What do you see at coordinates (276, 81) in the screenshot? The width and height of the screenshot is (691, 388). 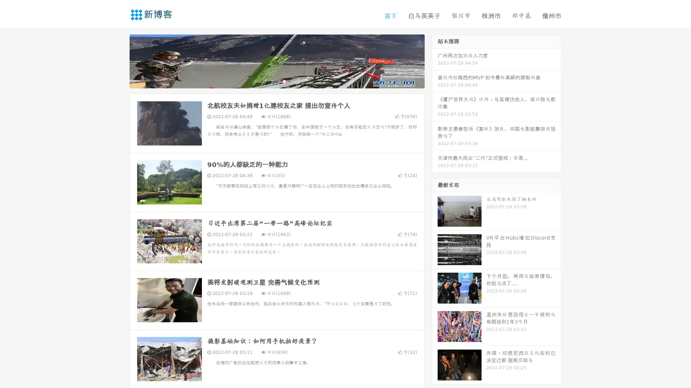 I see `Go to slide 2` at bounding box center [276, 81].